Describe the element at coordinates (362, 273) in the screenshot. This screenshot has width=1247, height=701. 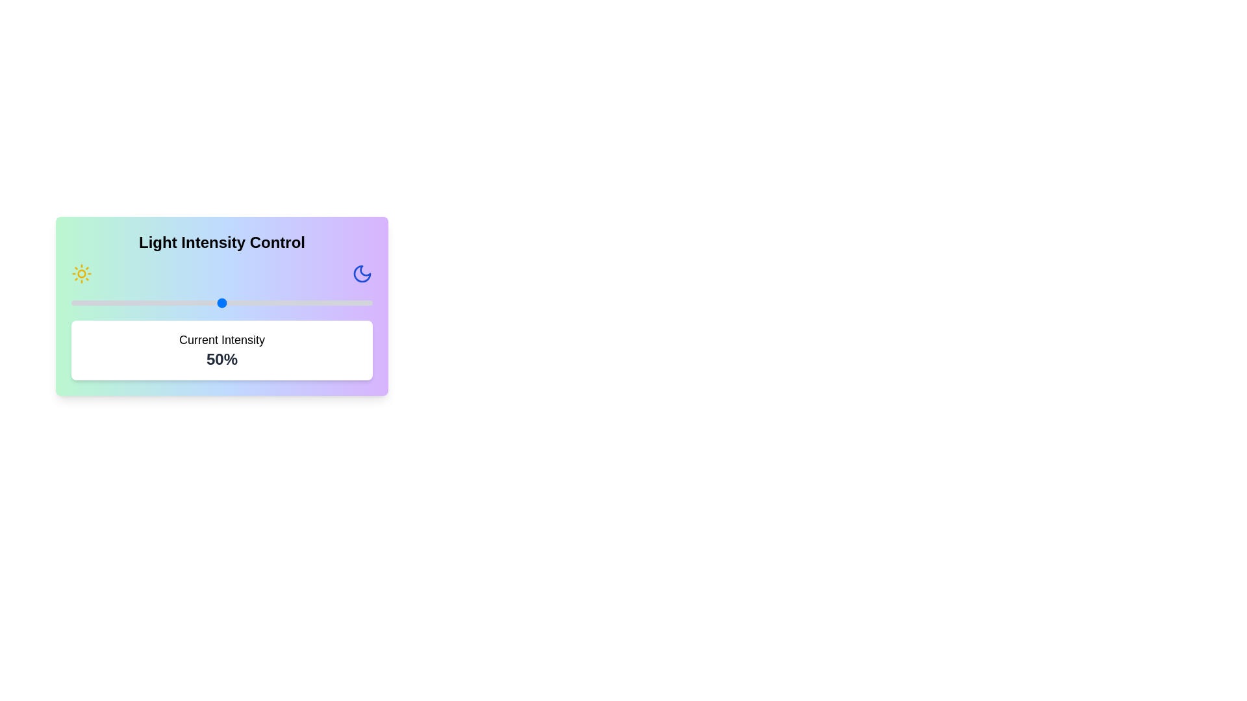
I see `the blue crescent moon-like icon located in the top-right corner of the 'Light Intensity Control' card, adjacent to the card's border and near the title text` at that location.